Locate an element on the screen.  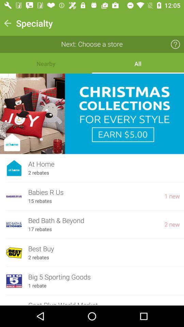
the 15 rebates item is located at coordinates (40, 201).